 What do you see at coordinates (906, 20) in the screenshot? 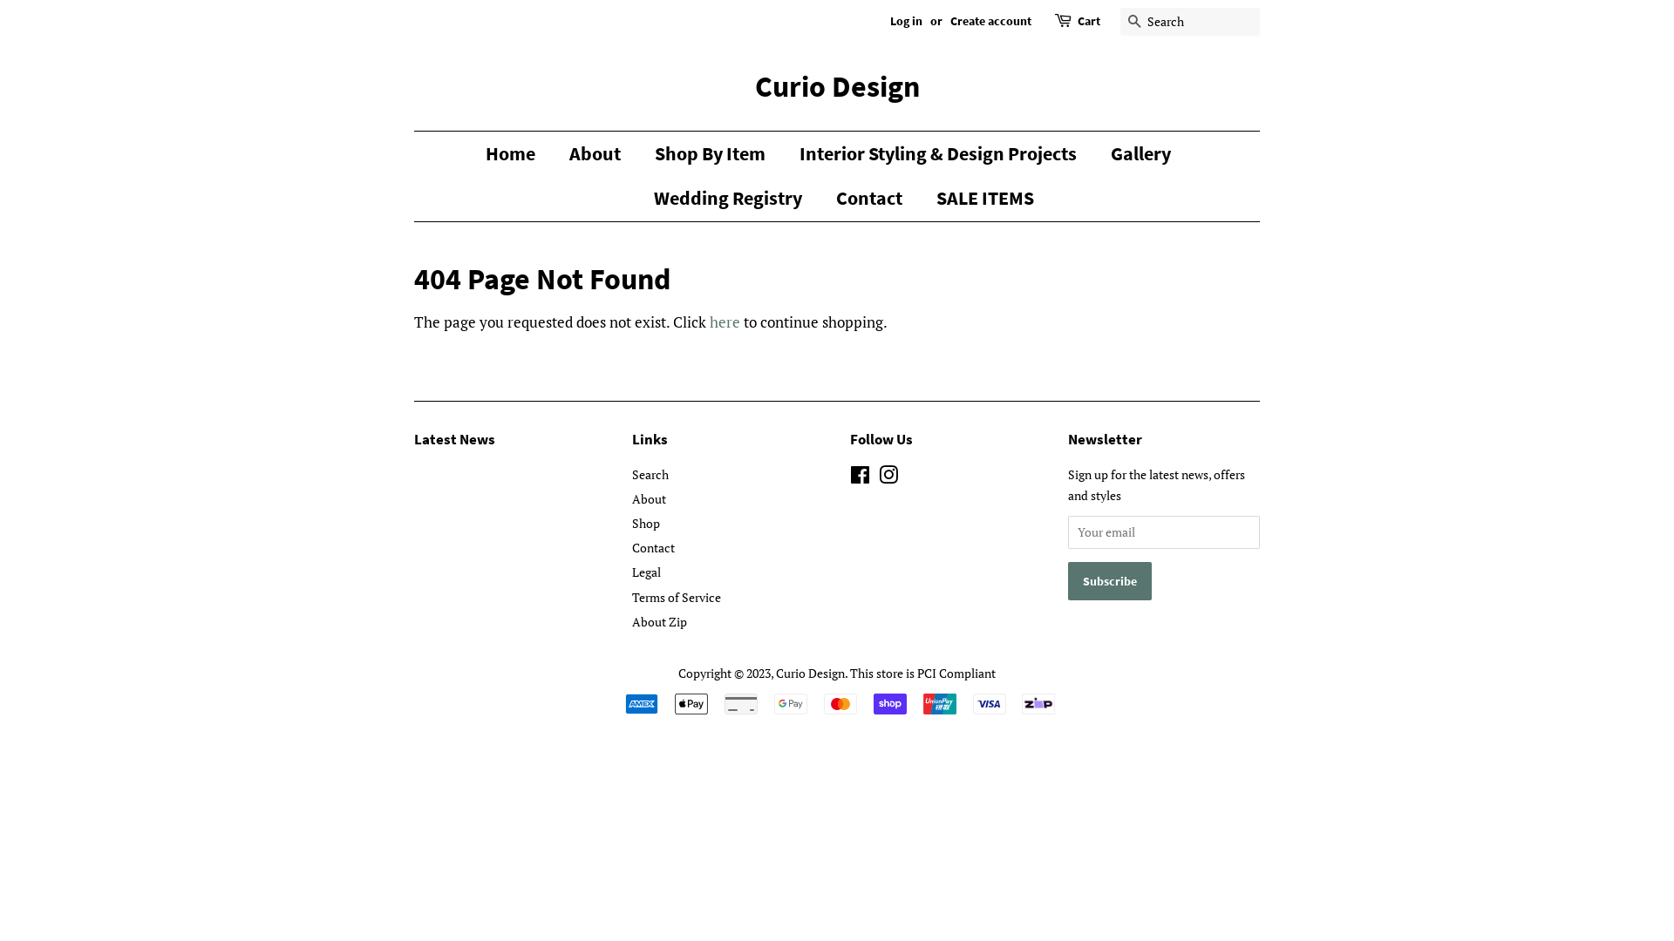
I see `'Log in'` at bounding box center [906, 20].